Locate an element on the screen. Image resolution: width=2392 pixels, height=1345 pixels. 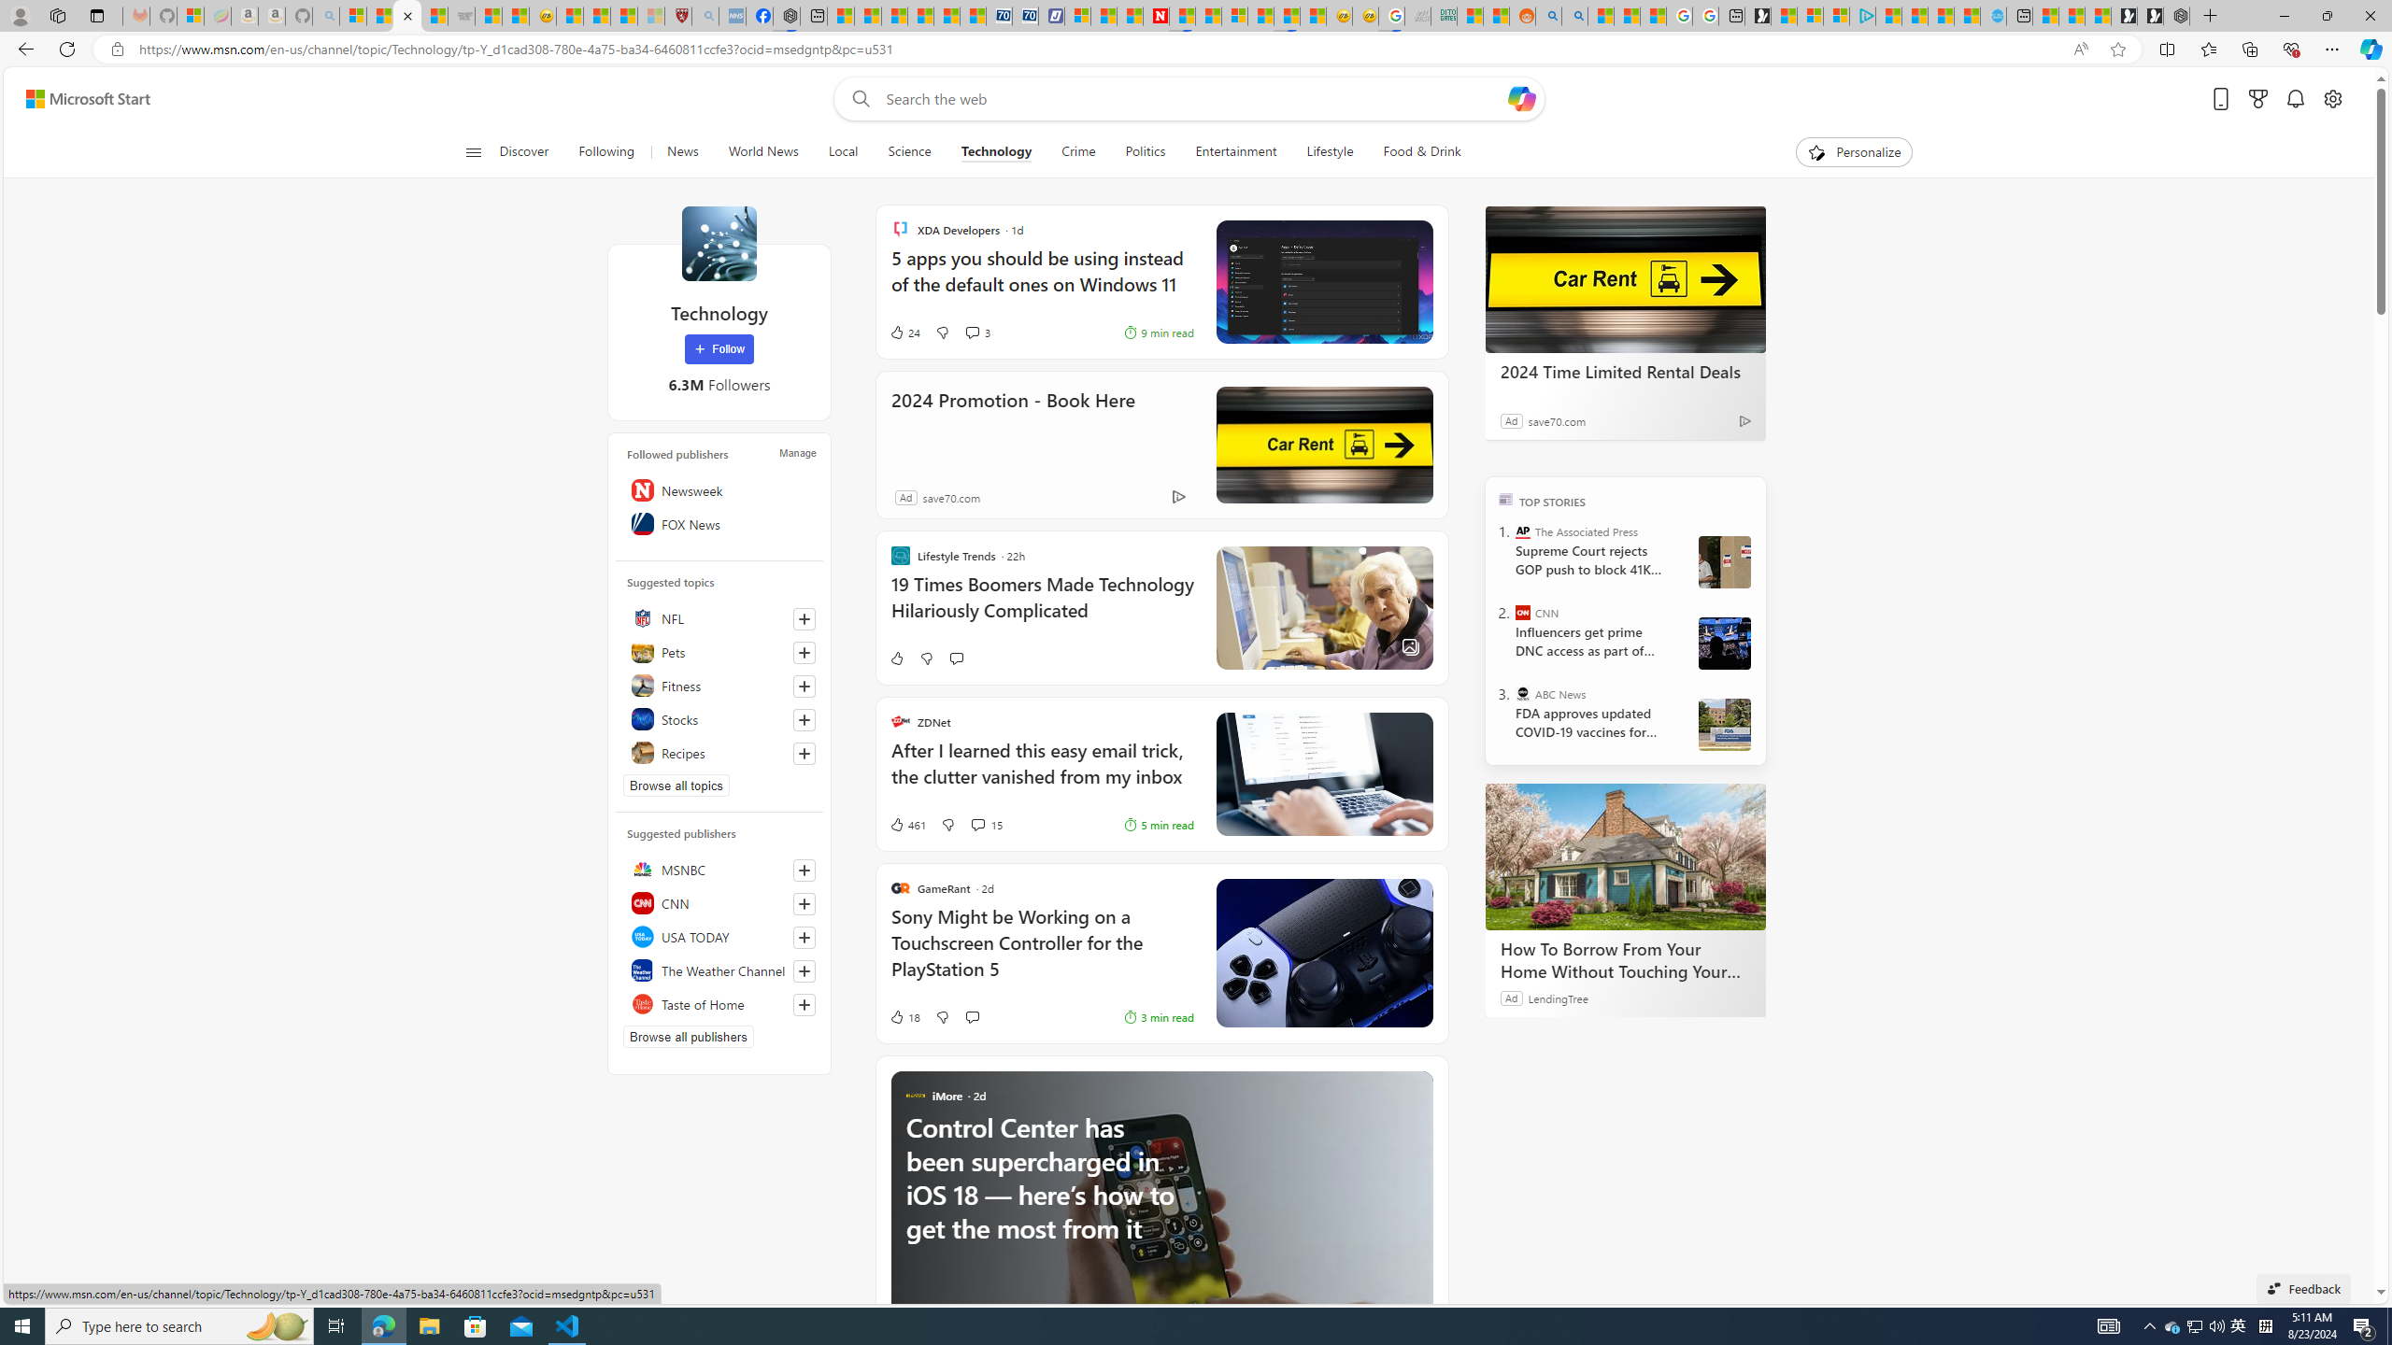
'Taste of Home' is located at coordinates (719, 1002).